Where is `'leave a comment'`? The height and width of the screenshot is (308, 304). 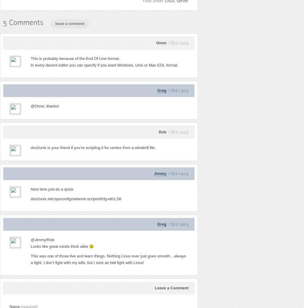 'leave a comment' is located at coordinates (69, 23).